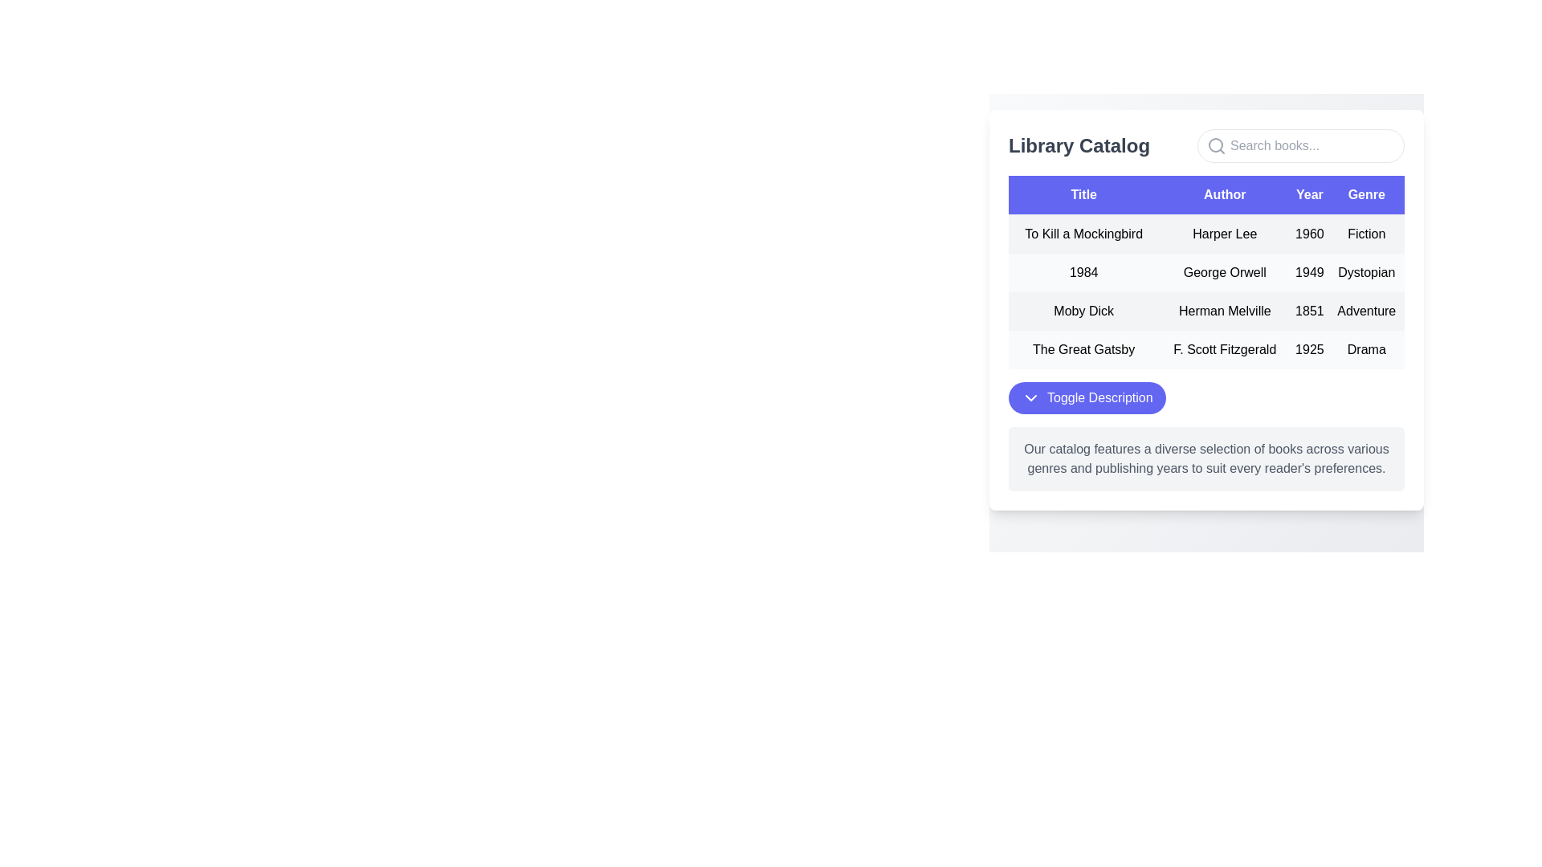 The width and height of the screenshot is (1542, 867). Describe the element at coordinates (1224, 194) in the screenshot. I see `the 'Author' table header which is styled with a blue background and white text, located in the second column of the header row` at that location.